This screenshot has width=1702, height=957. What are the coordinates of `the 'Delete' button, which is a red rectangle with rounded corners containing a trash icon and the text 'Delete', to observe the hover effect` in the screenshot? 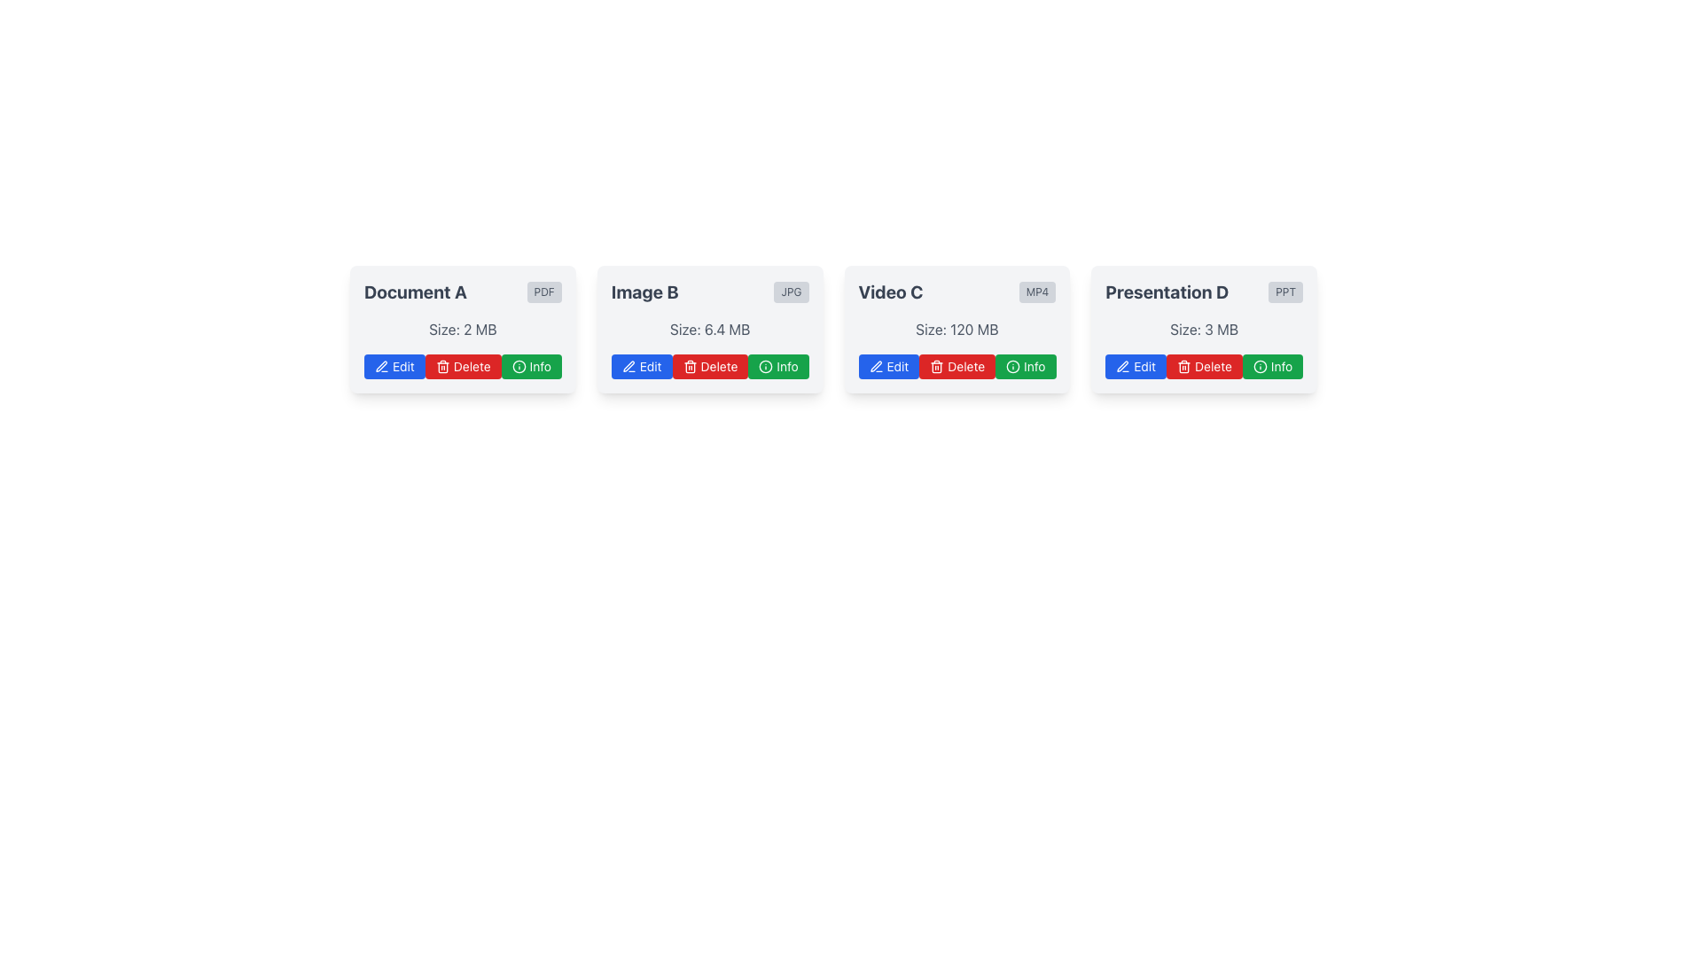 It's located at (463, 365).